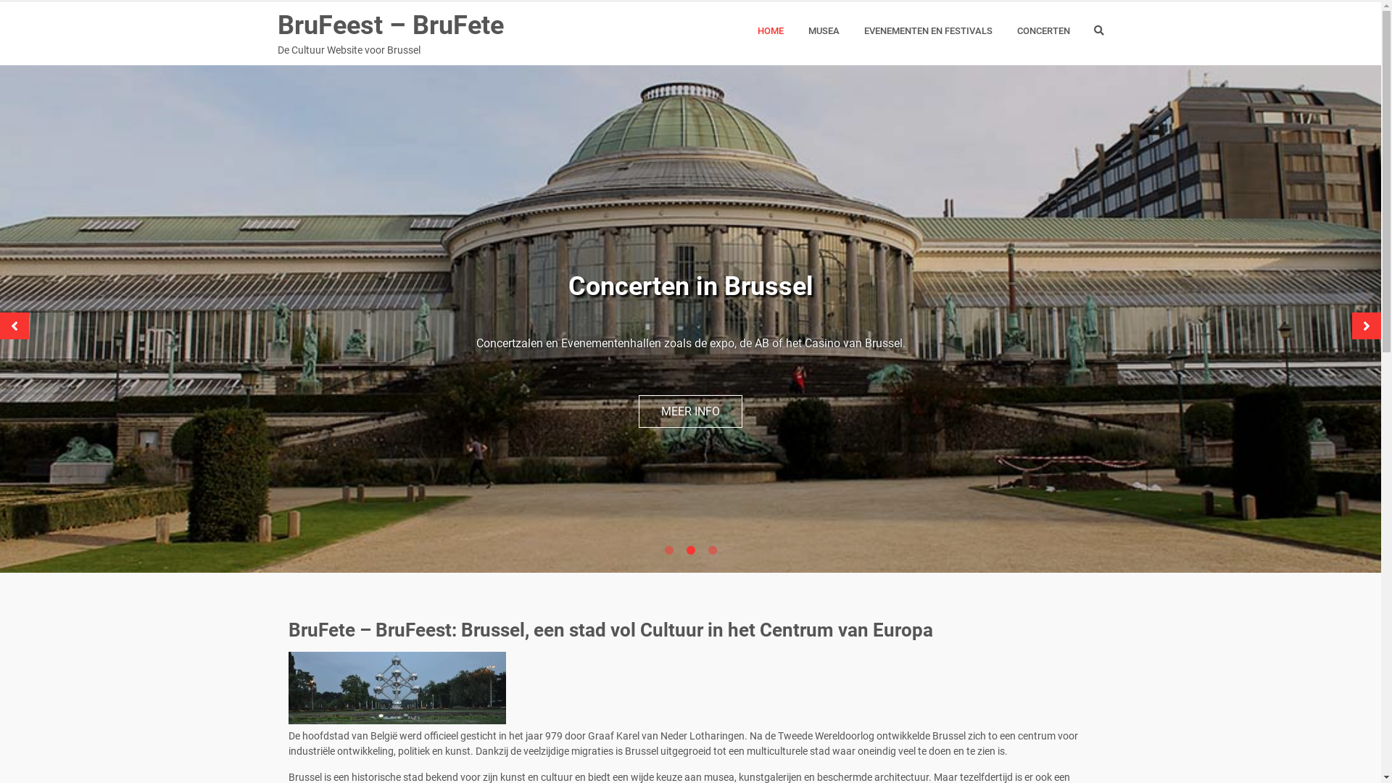 This screenshot has width=1392, height=783. Describe the element at coordinates (689, 550) in the screenshot. I see `'2'` at that location.